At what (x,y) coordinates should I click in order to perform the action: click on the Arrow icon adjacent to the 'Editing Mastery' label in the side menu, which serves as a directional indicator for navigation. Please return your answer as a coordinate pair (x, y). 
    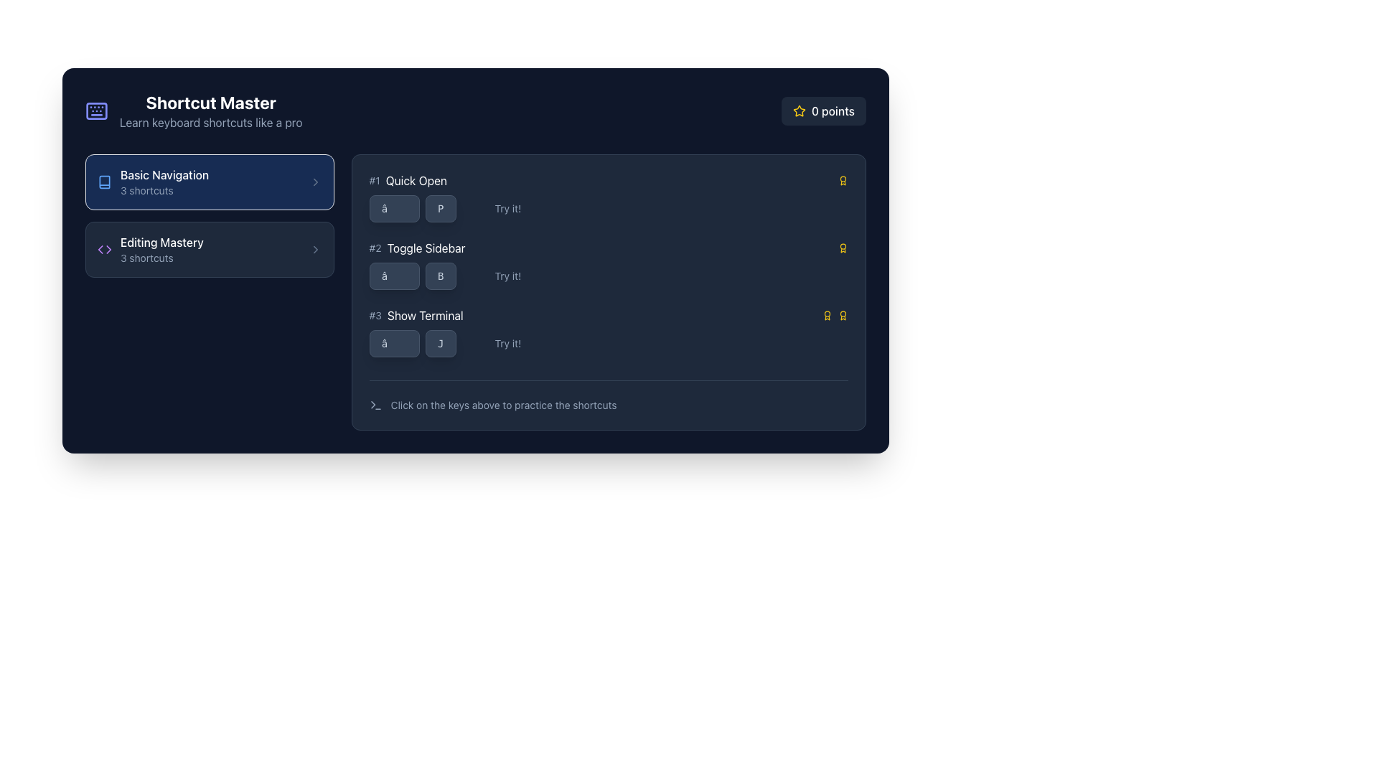
    Looking at the image, I should click on (108, 248).